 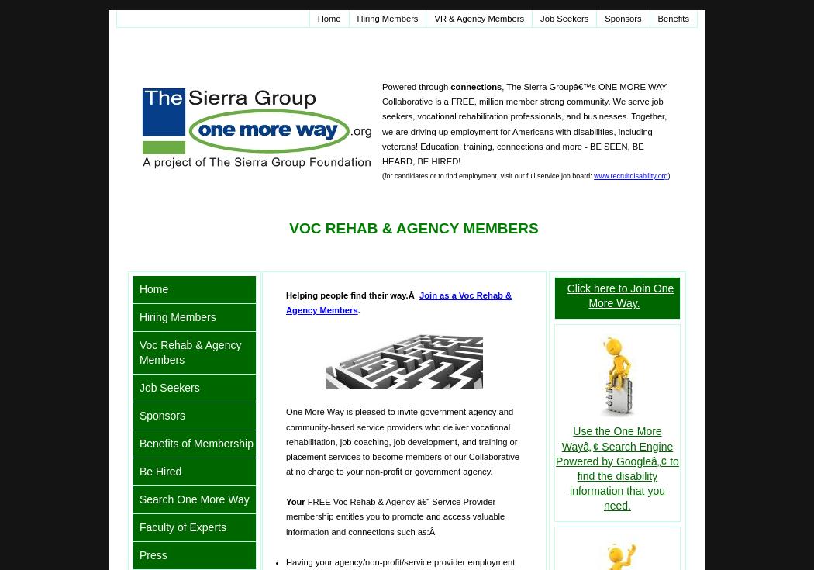 I want to click on 'One  More Way is pleased to invite government agency and community-based service  providers who deliver vocational rehabilitation, job coaching, job development,  and training or placement services to become members of our Collaborative at no  charge to your non-profit or government agency.', so click(x=402, y=440).